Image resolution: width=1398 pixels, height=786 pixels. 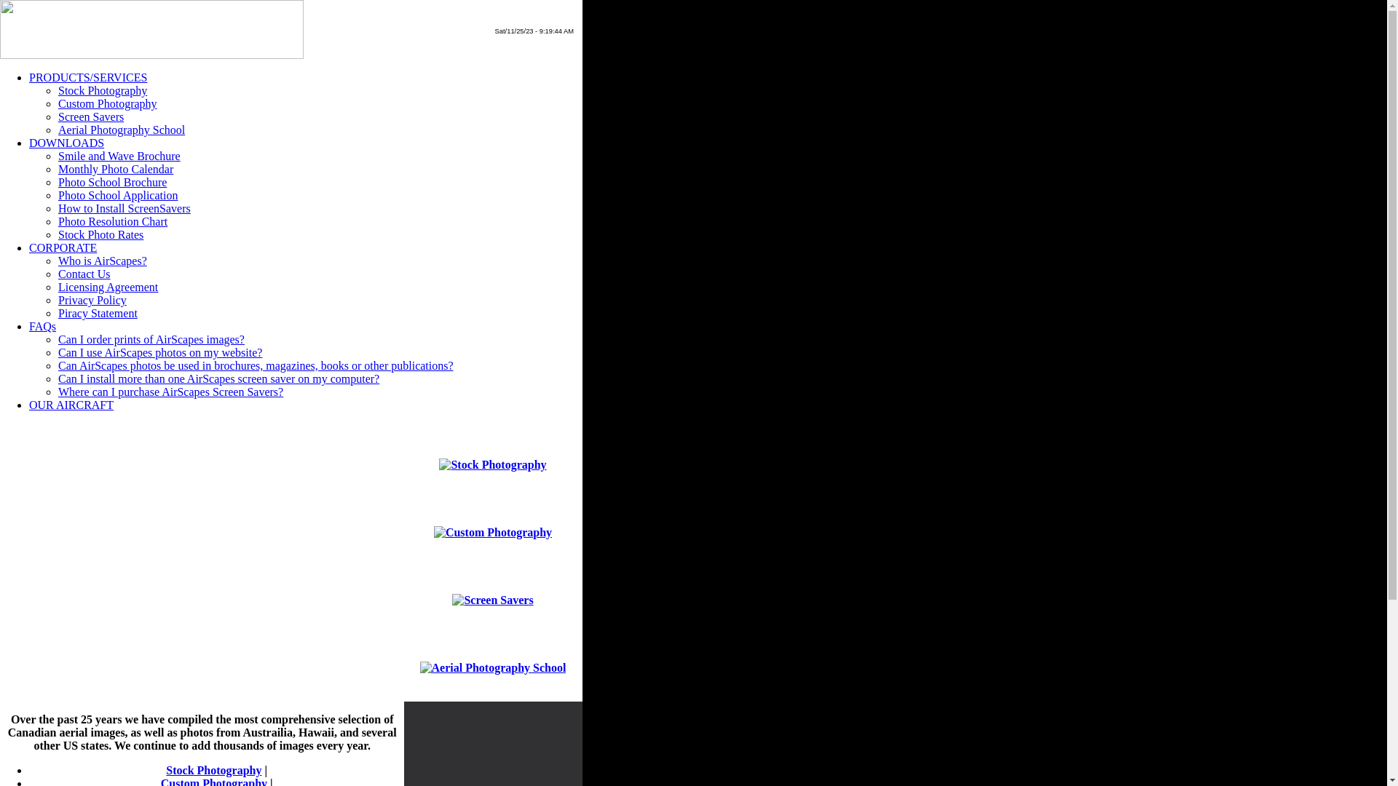 What do you see at coordinates (213, 769) in the screenshot?
I see `'Stock Photography'` at bounding box center [213, 769].